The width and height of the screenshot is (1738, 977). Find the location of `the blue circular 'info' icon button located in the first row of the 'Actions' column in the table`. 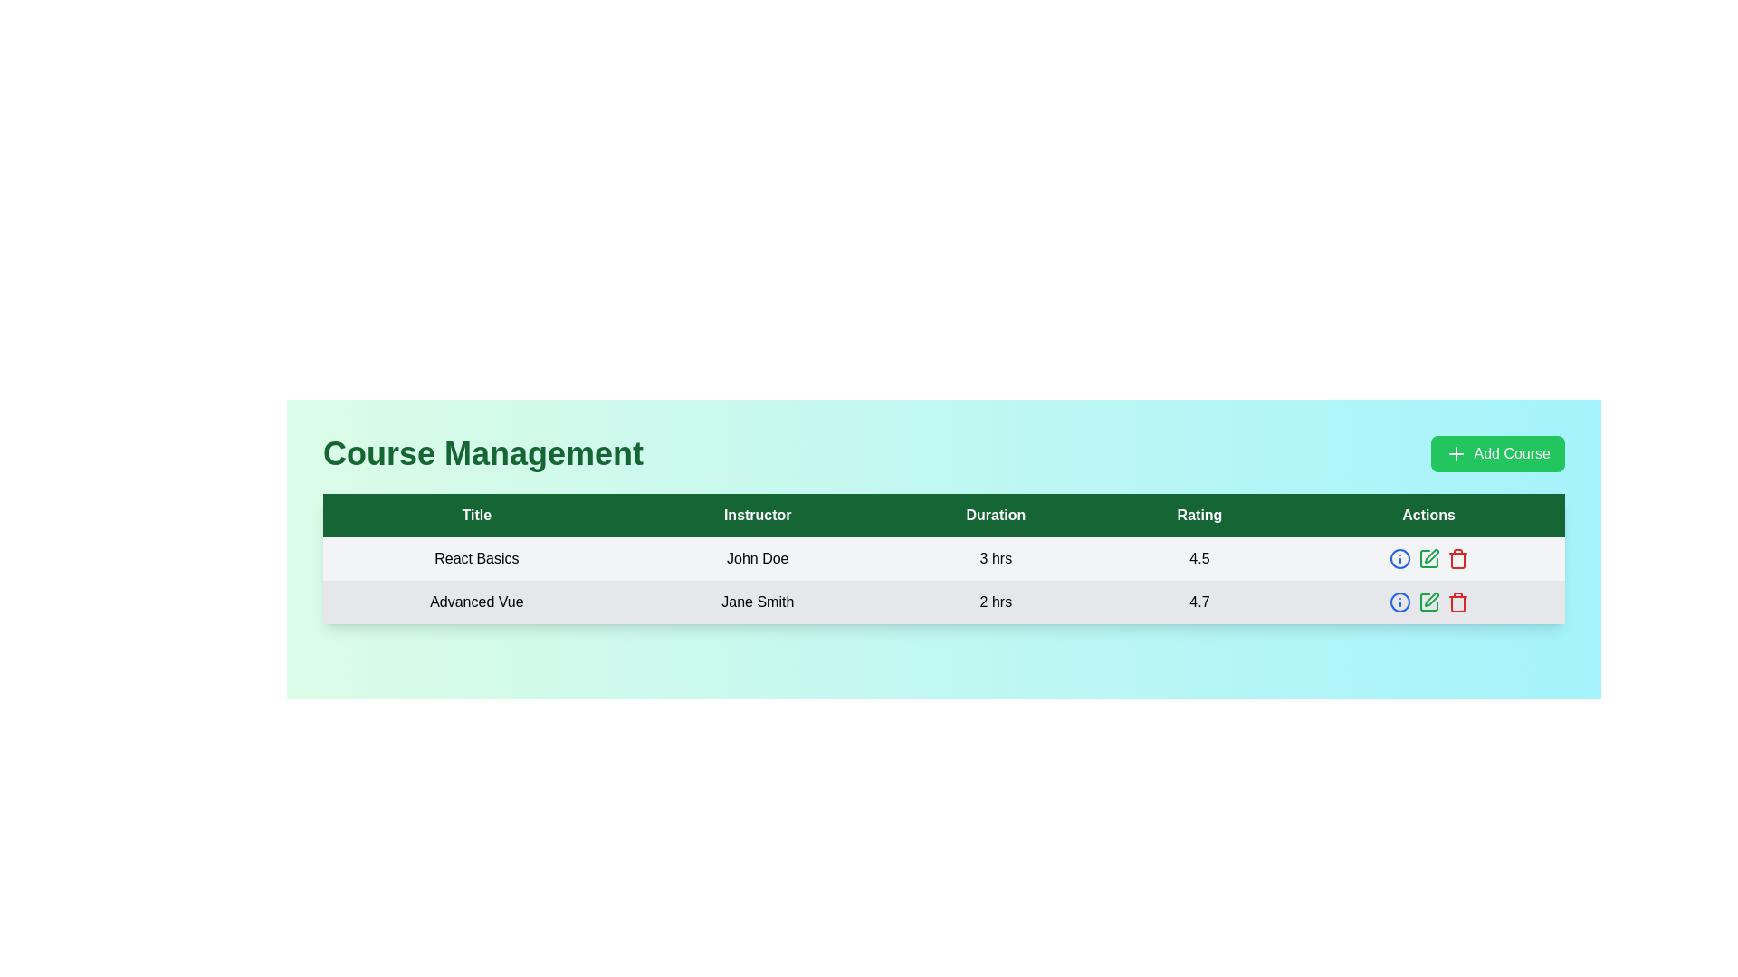

the blue circular 'info' icon button located in the first row of the 'Actions' column in the table is located at coordinates (1399, 557).